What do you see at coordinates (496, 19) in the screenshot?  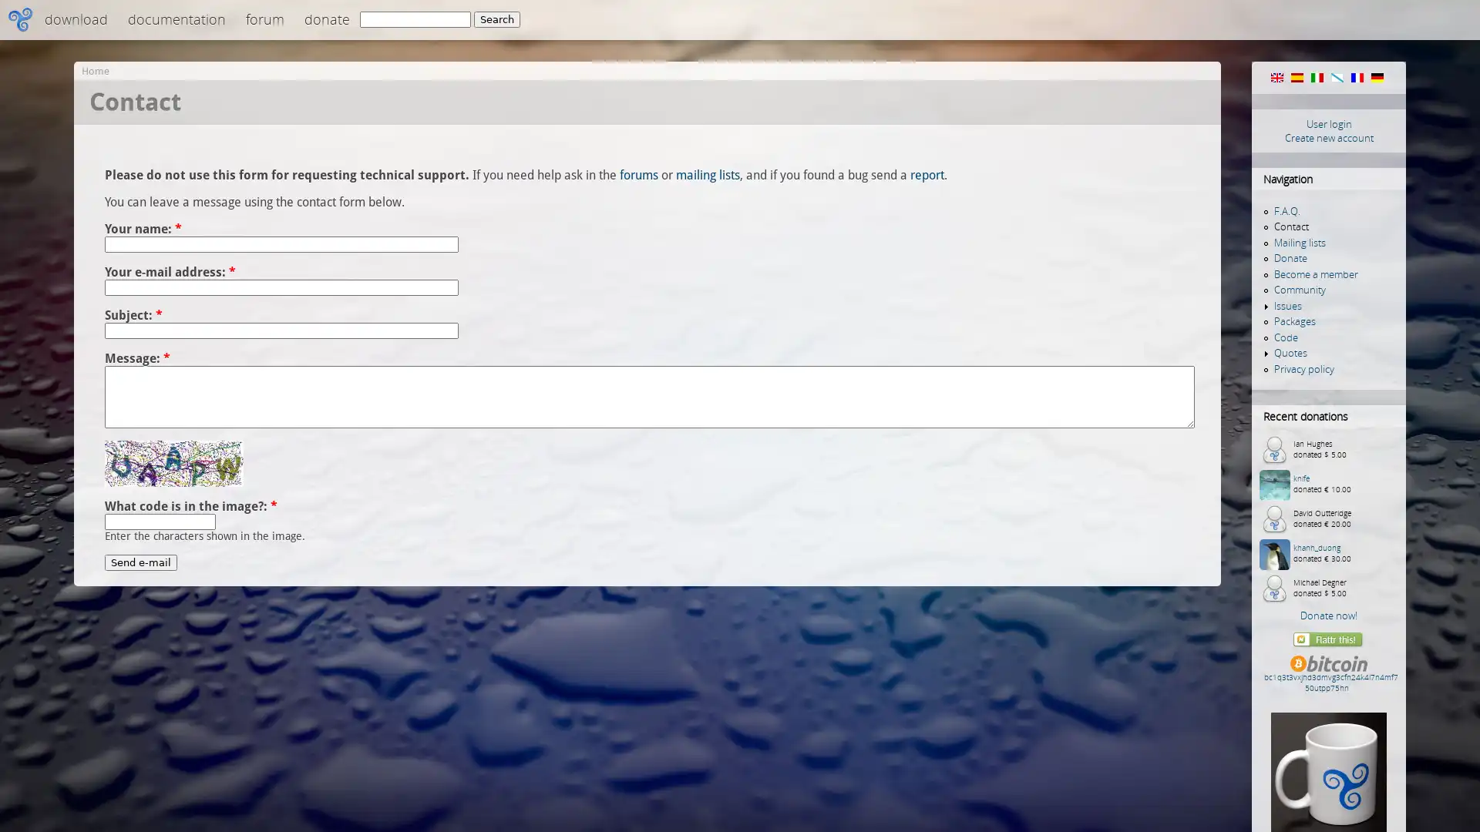 I see `Search` at bounding box center [496, 19].